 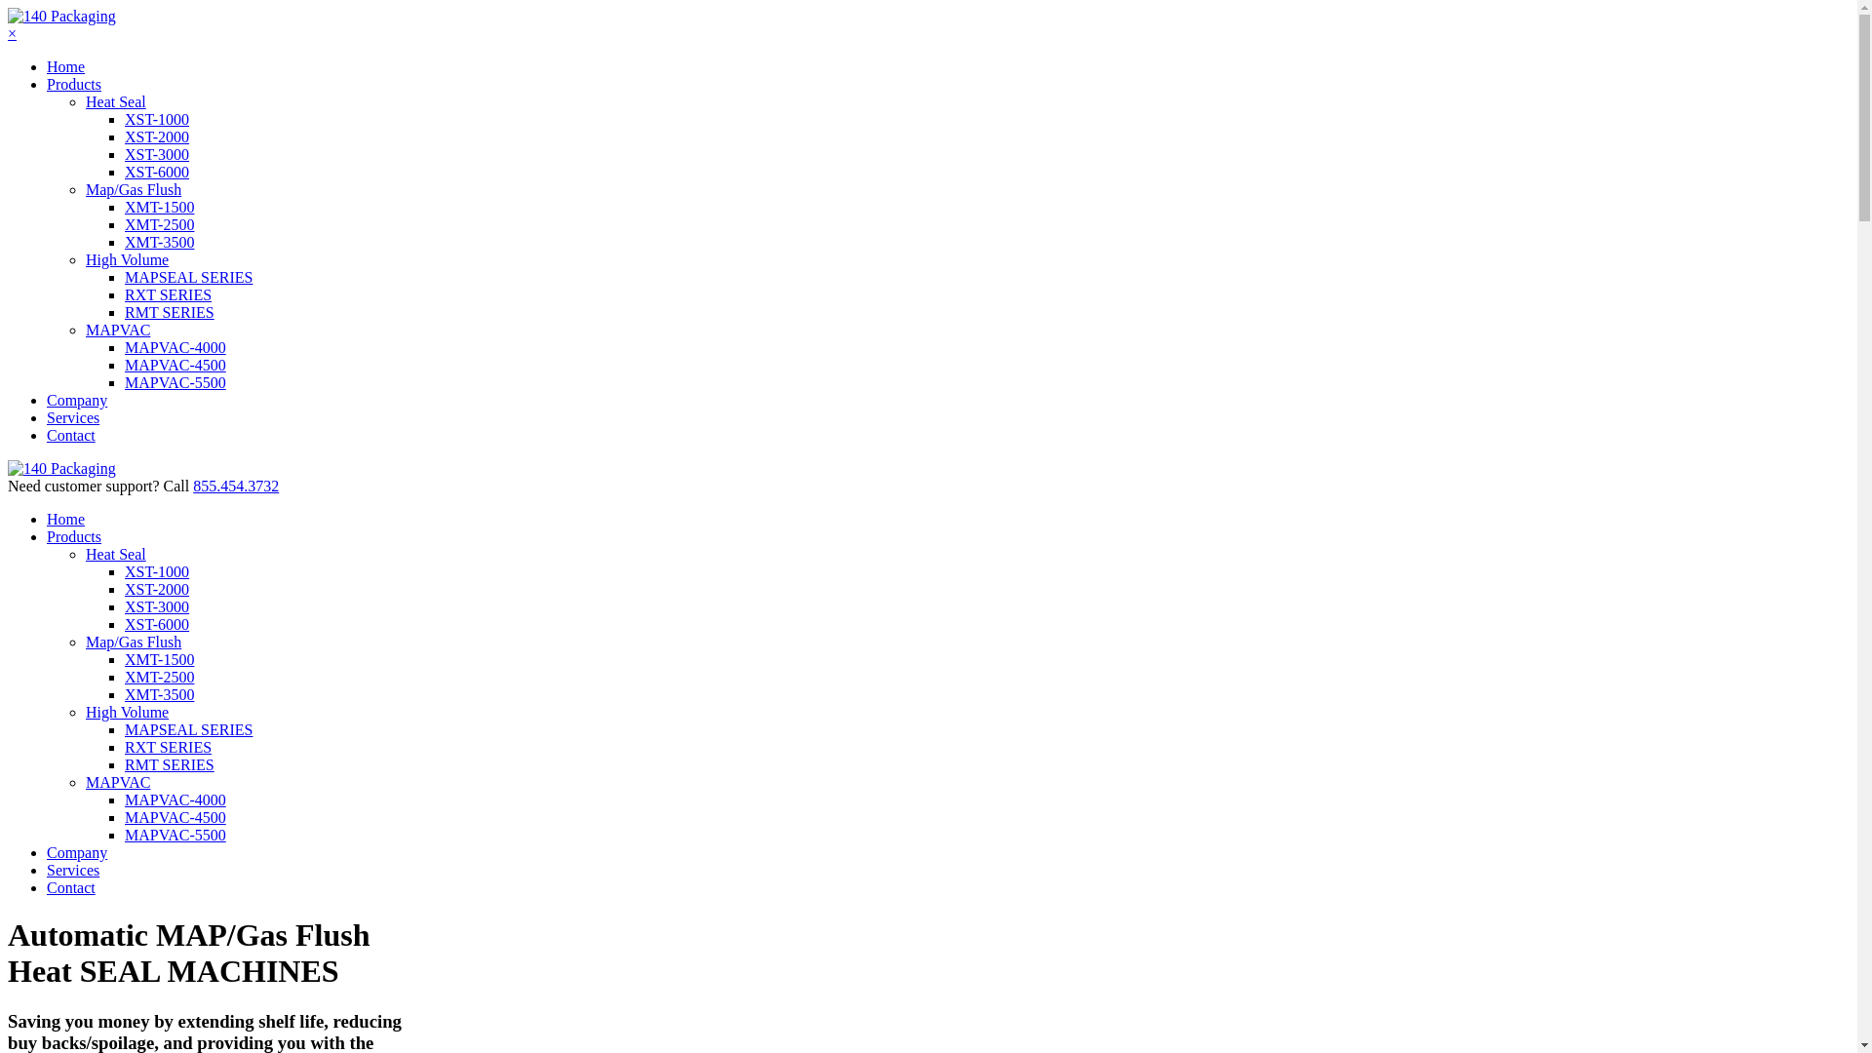 I want to click on 'Company', so click(x=76, y=399).